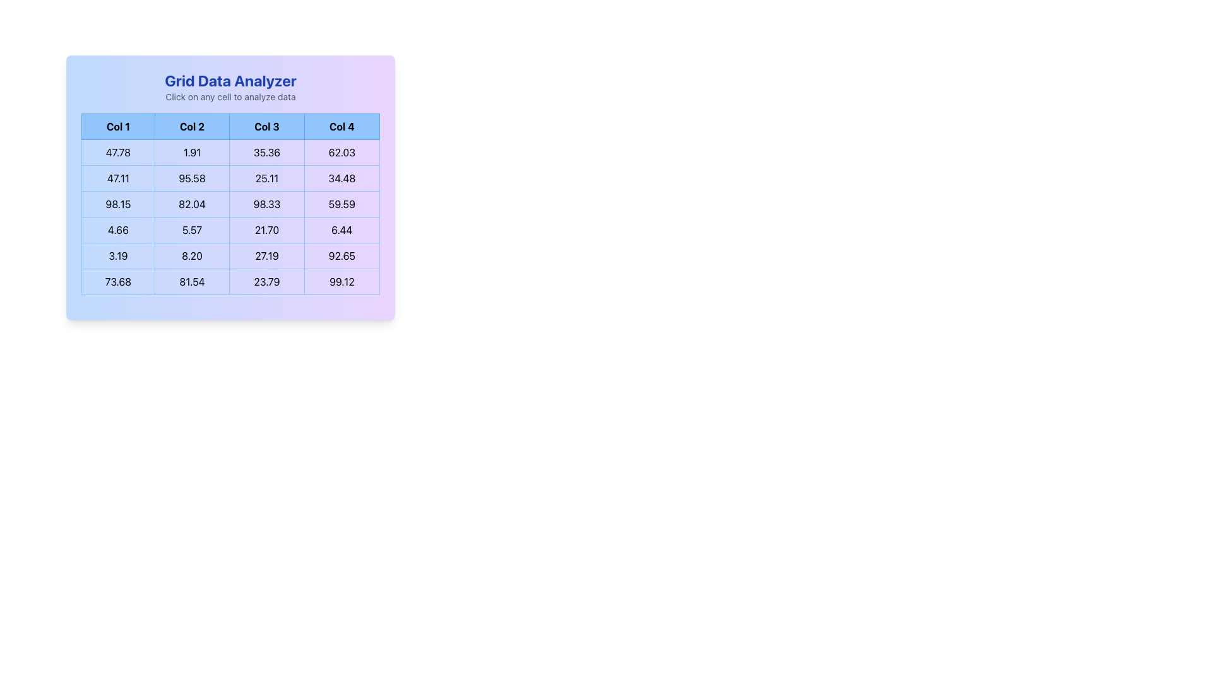  I want to click on the numeric value '82.04' in the second cell of the second column of the third row in the grid-like table, which is styled with a bordered box and surrounded by similar numeric elements, so click(191, 204).